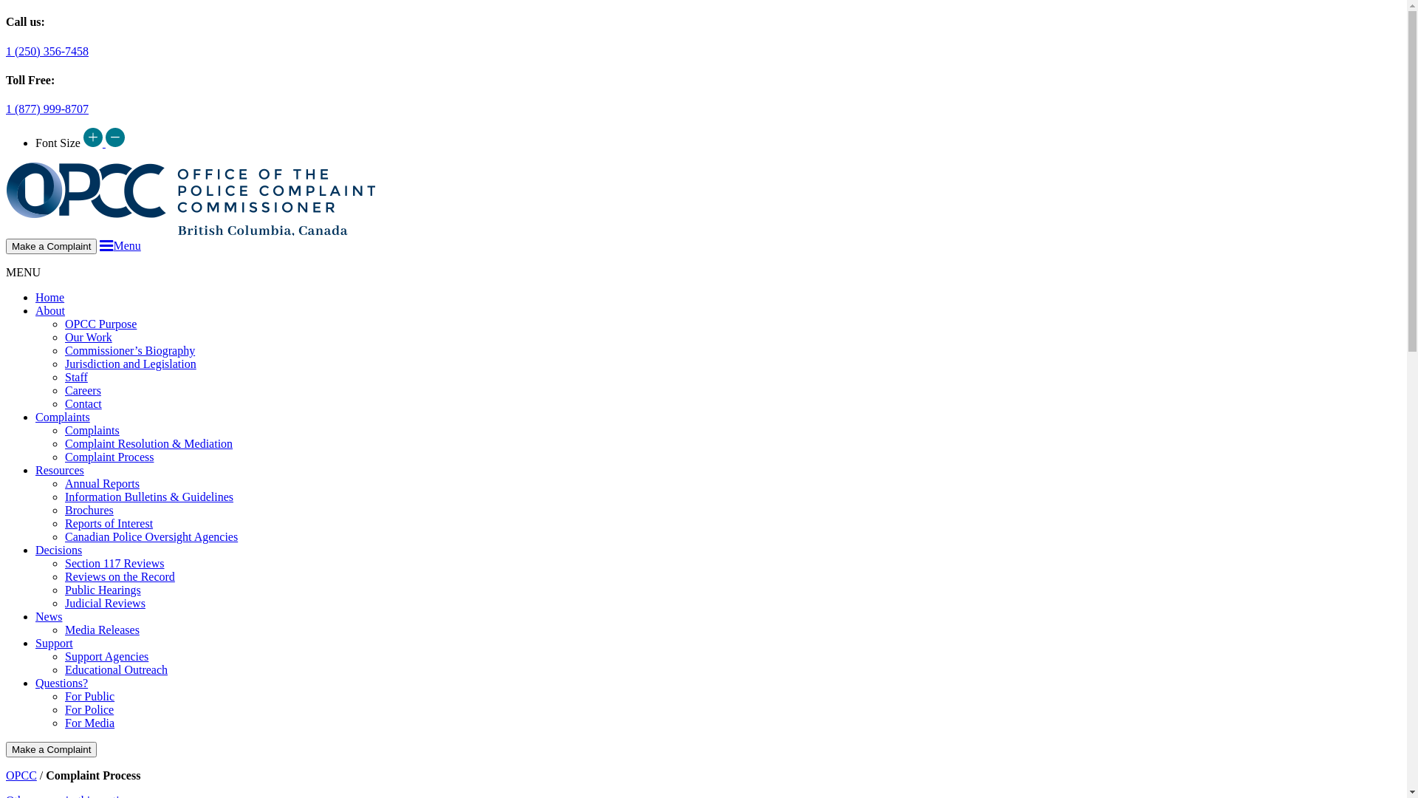 Image resolution: width=1418 pixels, height=798 pixels. I want to click on 'Complaints', so click(62, 417).